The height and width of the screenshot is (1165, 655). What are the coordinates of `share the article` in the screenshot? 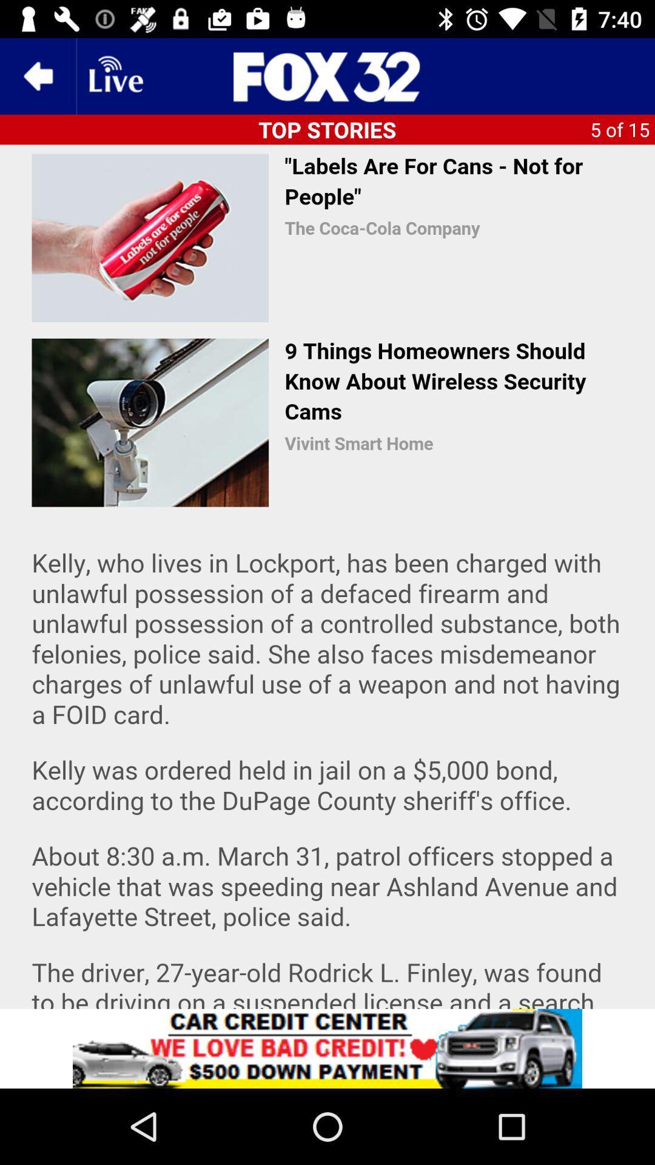 It's located at (327, 576).